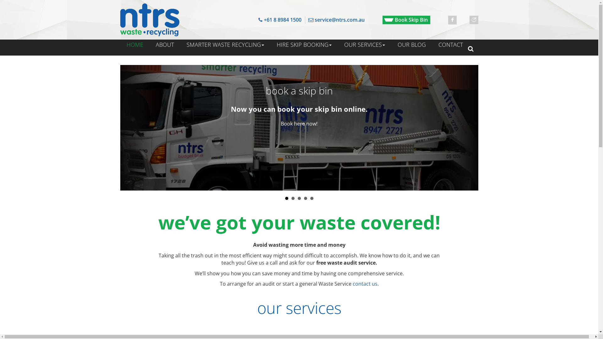  Describe the element at coordinates (149, 19) in the screenshot. I see `'ntrs'` at that location.